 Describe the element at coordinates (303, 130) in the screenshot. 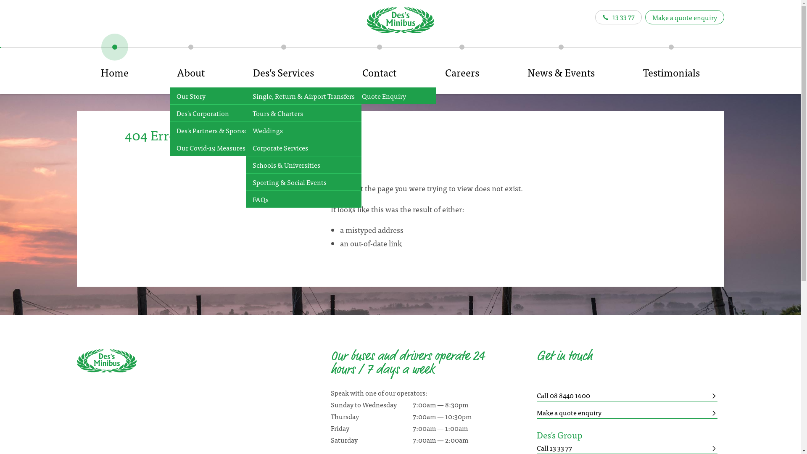

I see `'Weddings'` at that location.